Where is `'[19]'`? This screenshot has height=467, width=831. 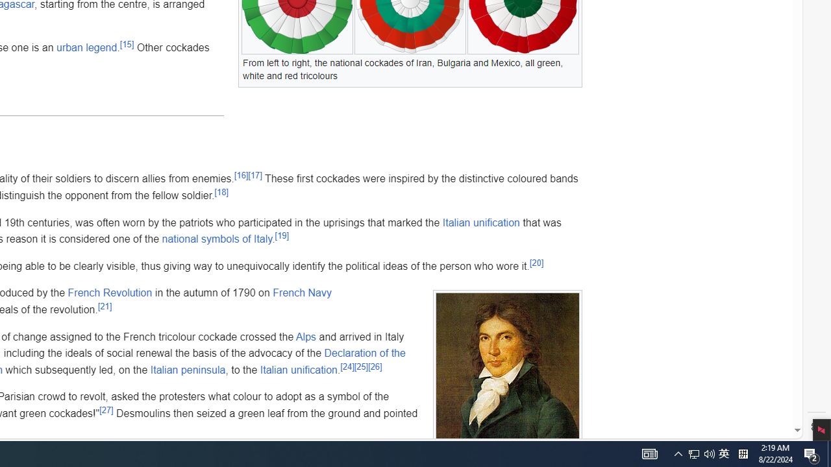
'[19]' is located at coordinates (280, 235).